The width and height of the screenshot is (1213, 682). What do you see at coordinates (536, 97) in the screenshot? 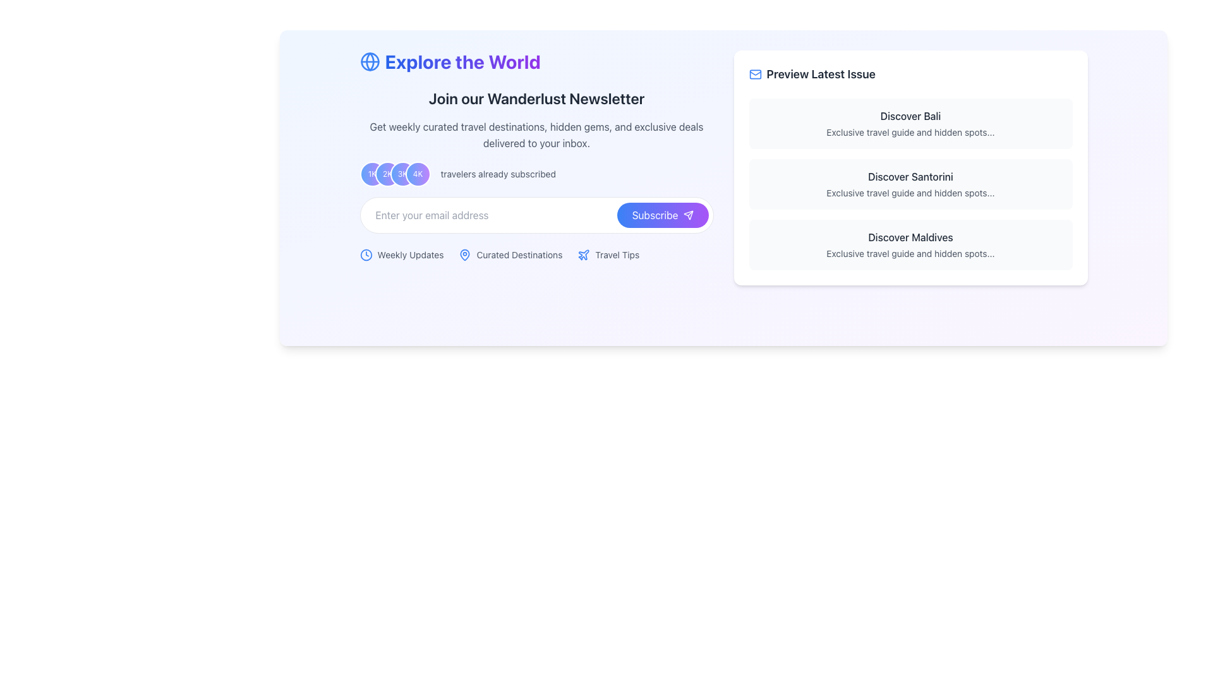
I see `the static text element that serves as a heading for the newsletter subscription benefits, positioned below 'Explore the World'` at bounding box center [536, 97].